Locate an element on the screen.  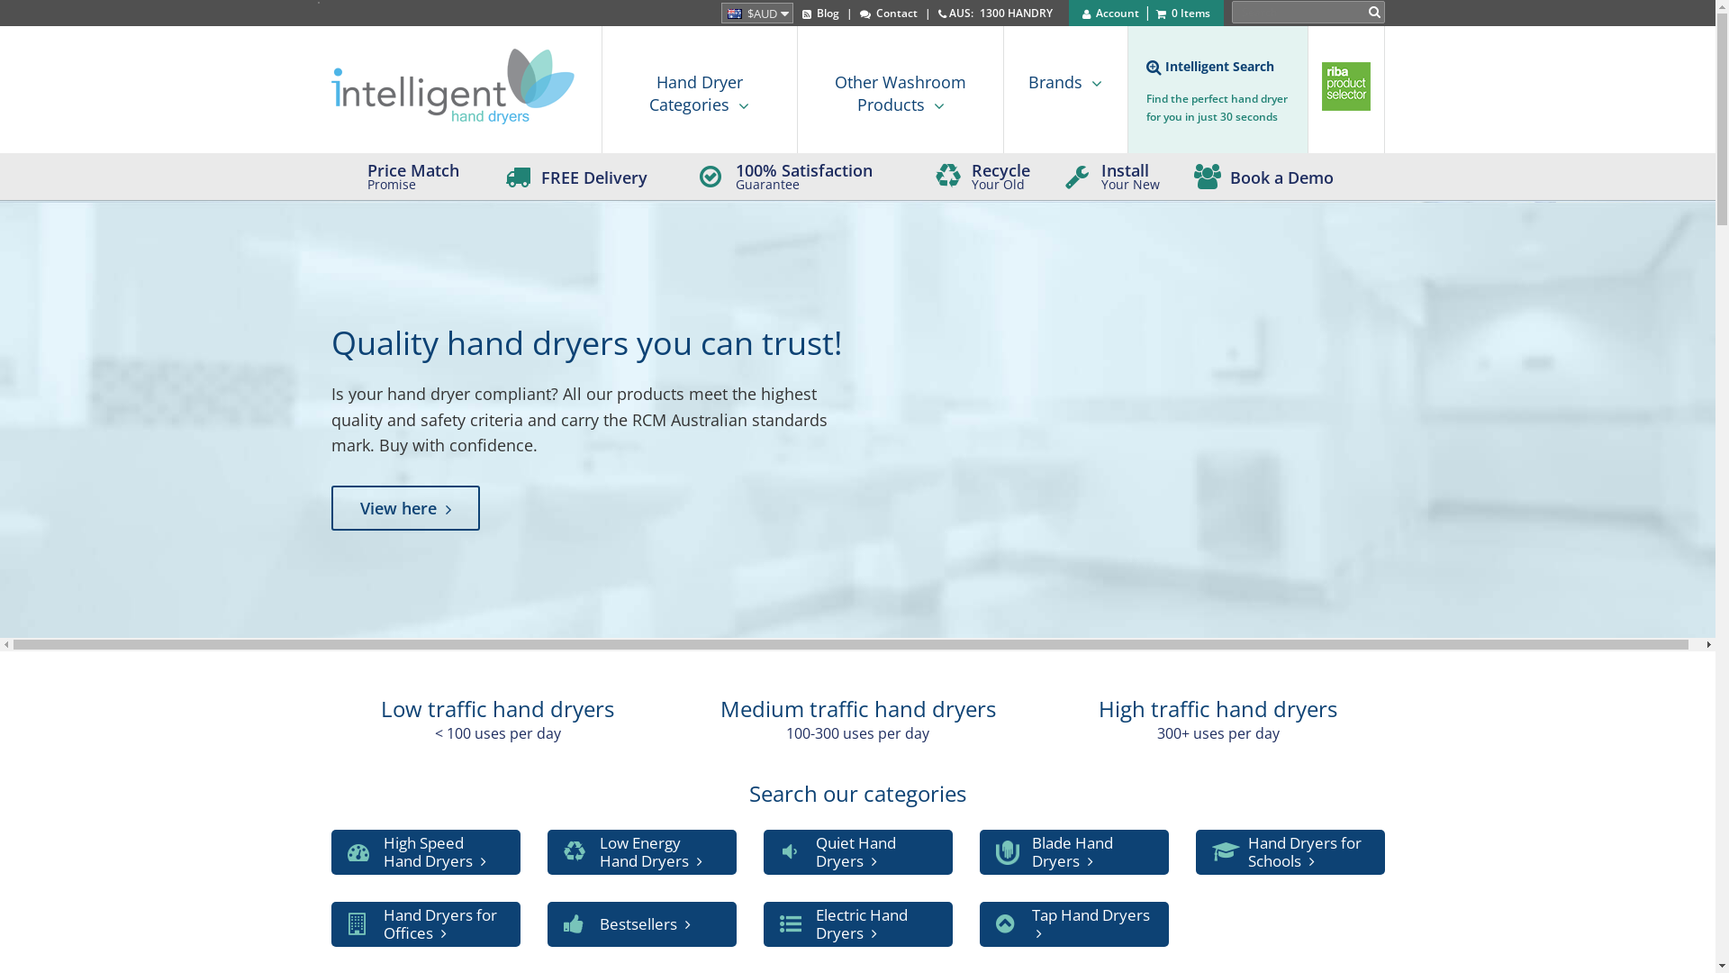
'Intelligent Hand Dryers' is located at coordinates (453, 86).